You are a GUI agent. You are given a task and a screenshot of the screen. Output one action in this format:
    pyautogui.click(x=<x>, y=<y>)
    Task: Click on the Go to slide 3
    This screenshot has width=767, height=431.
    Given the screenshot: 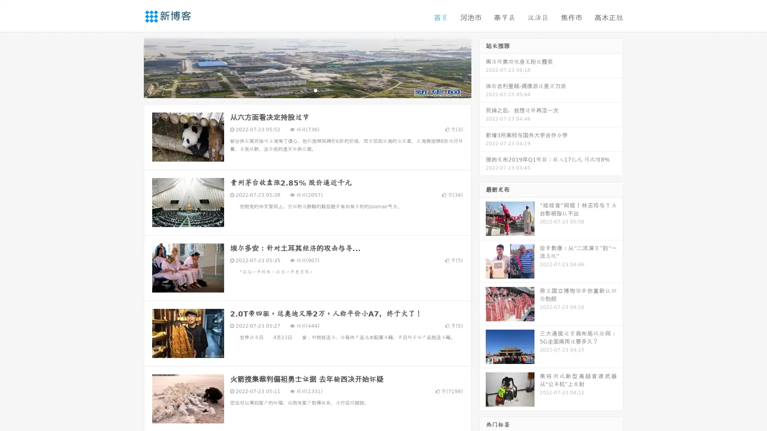 What is the action you would take?
    pyautogui.click(x=315, y=90)
    